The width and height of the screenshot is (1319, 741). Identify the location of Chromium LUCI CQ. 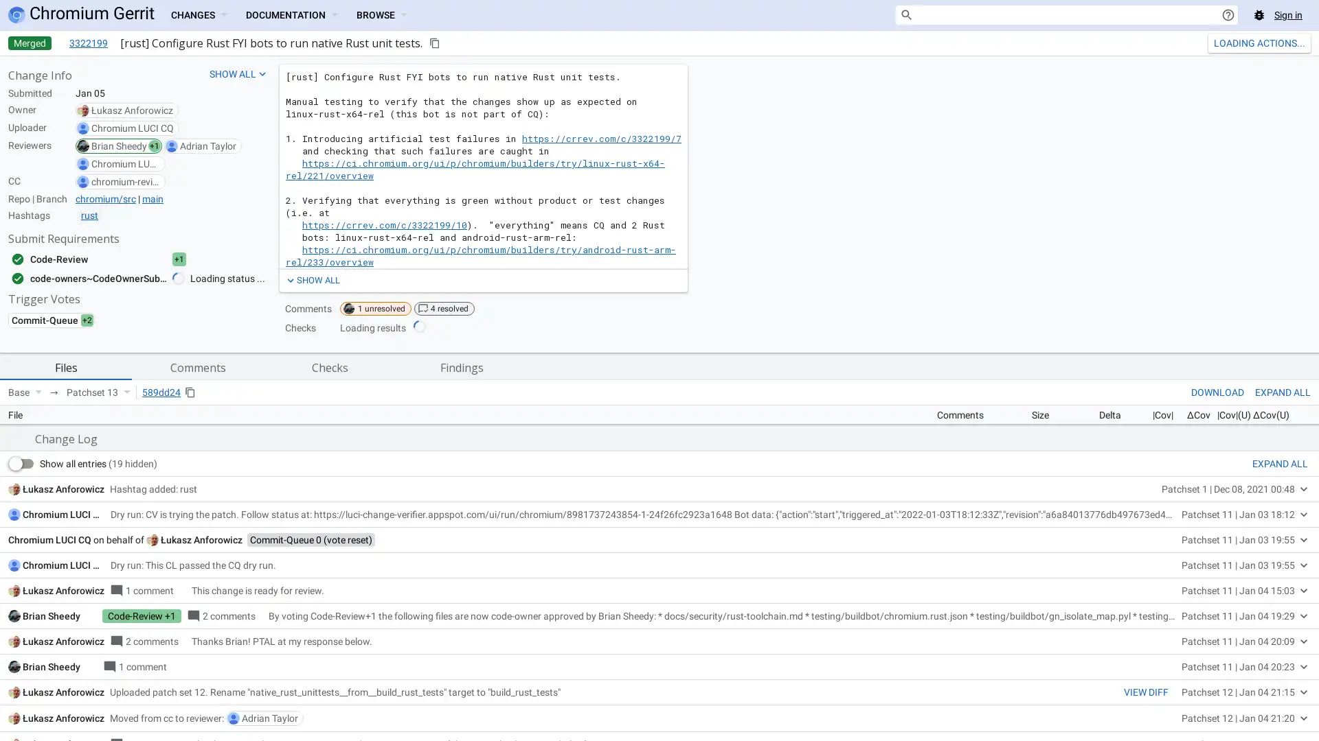
(132, 128).